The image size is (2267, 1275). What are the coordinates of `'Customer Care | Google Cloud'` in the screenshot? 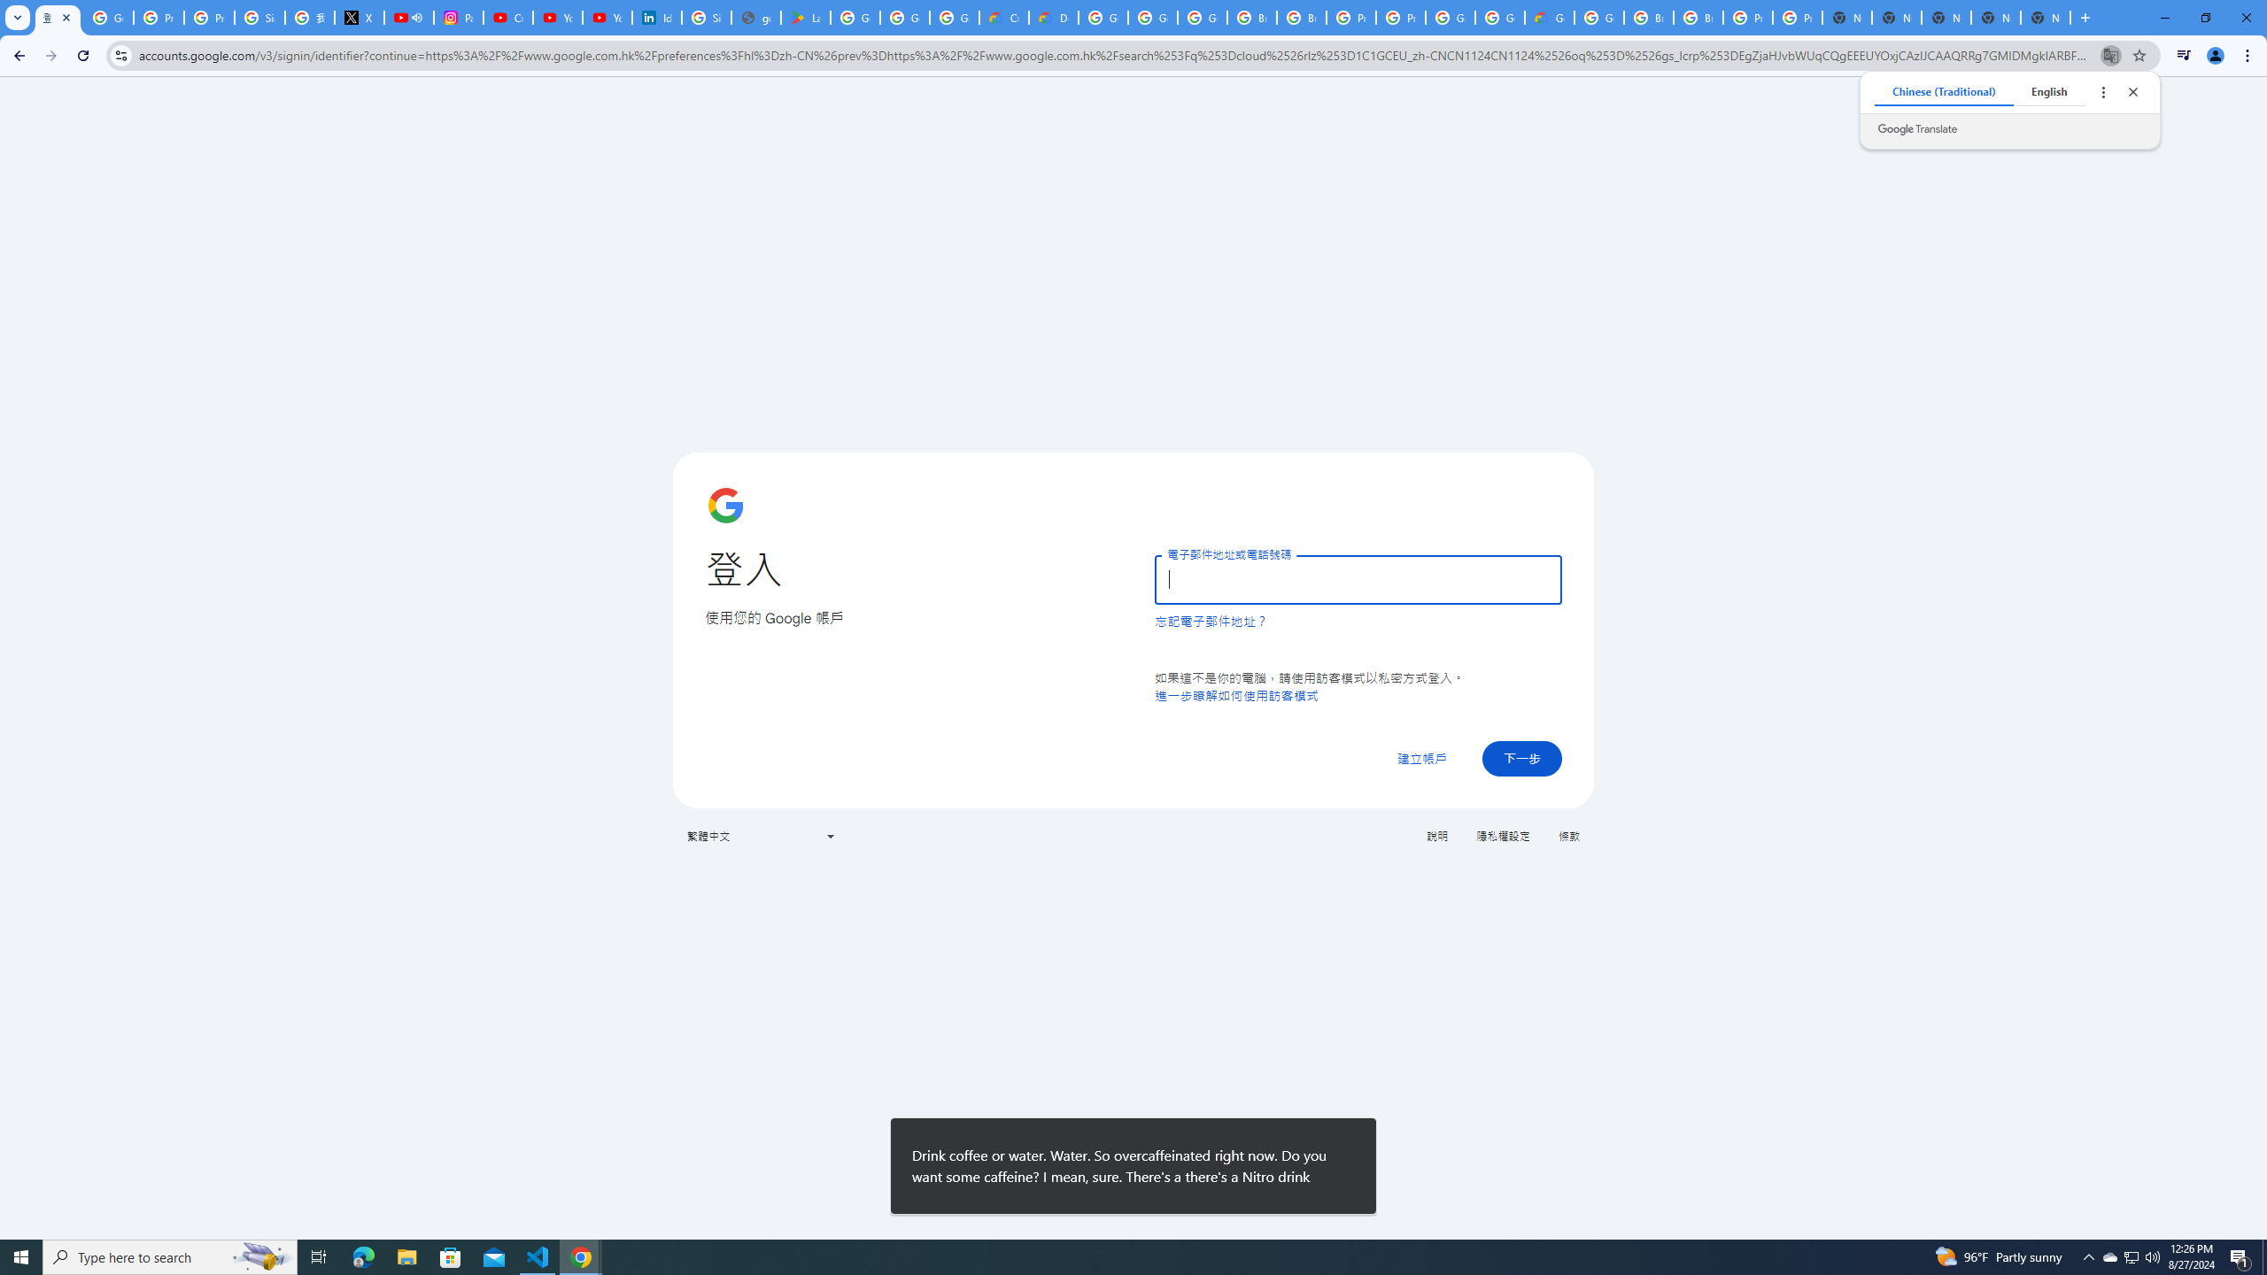 It's located at (1003, 17).